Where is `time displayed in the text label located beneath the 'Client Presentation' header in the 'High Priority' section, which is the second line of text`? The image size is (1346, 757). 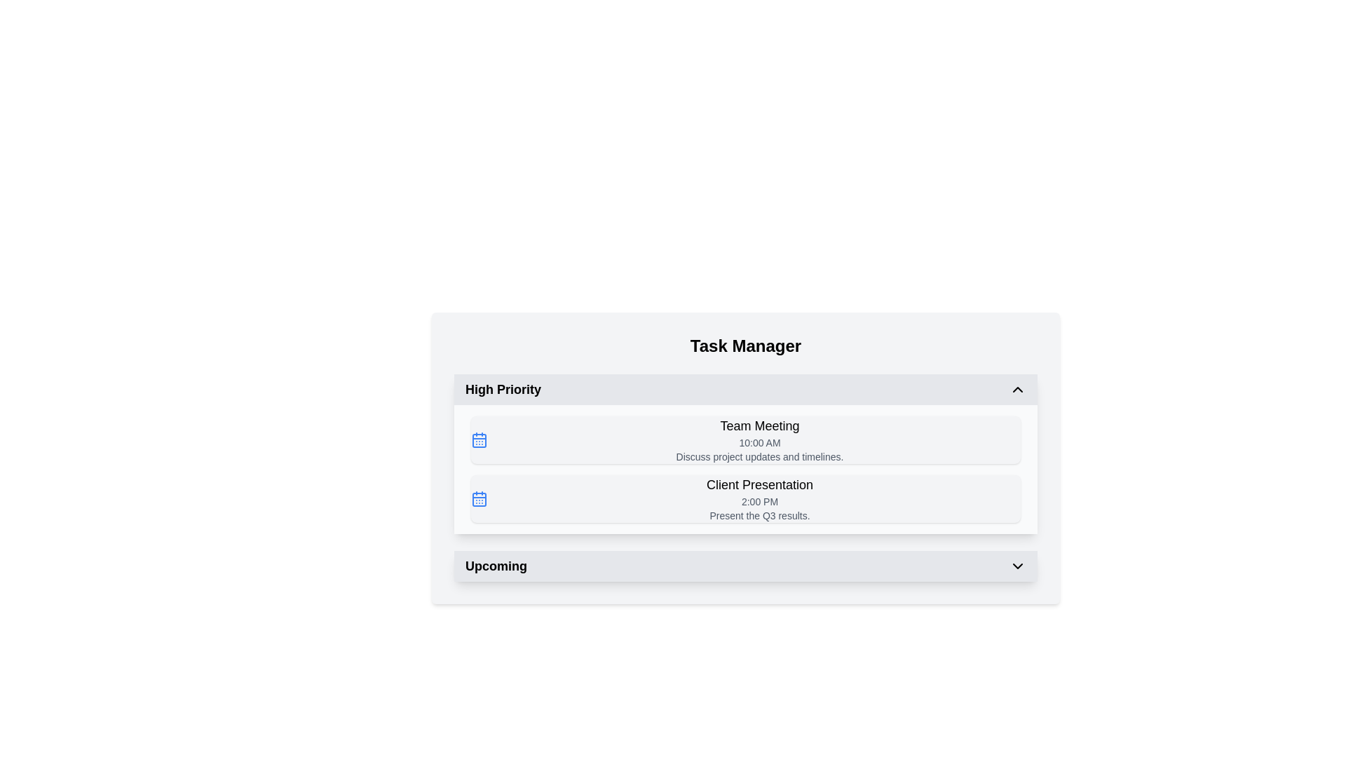 time displayed in the text label located beneath the 'Client Presentation' header in the 'High Priority' section, which is the second line of text is located at coordinates (759, 501).